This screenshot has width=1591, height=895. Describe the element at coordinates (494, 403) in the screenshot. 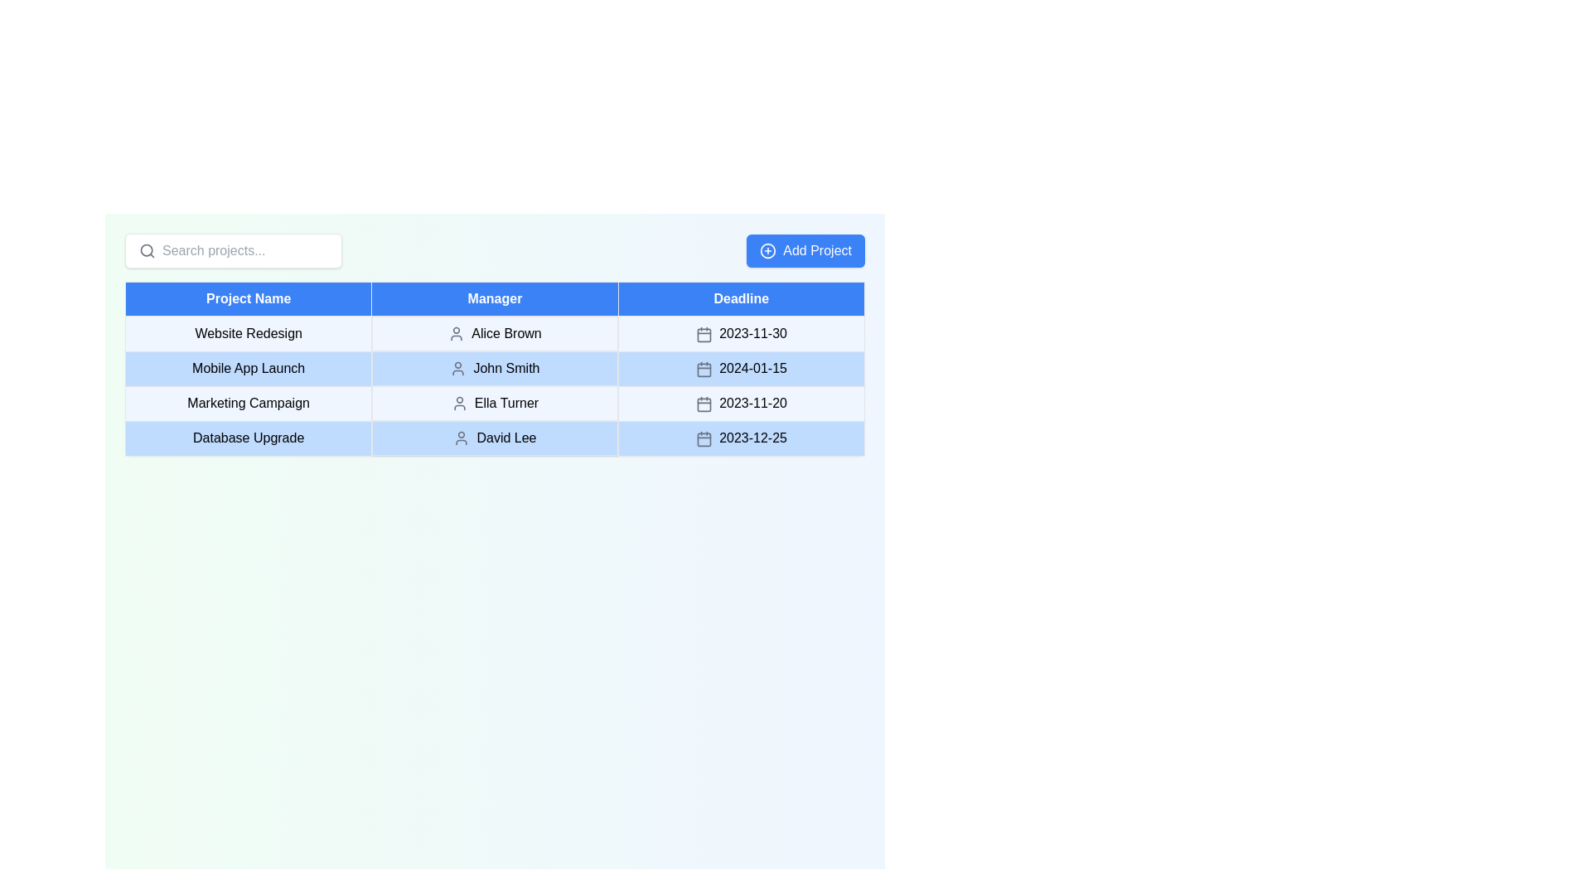

I see `the manager's name text label in the second column of the 'Marketing Campaign' row in the table` at that location.